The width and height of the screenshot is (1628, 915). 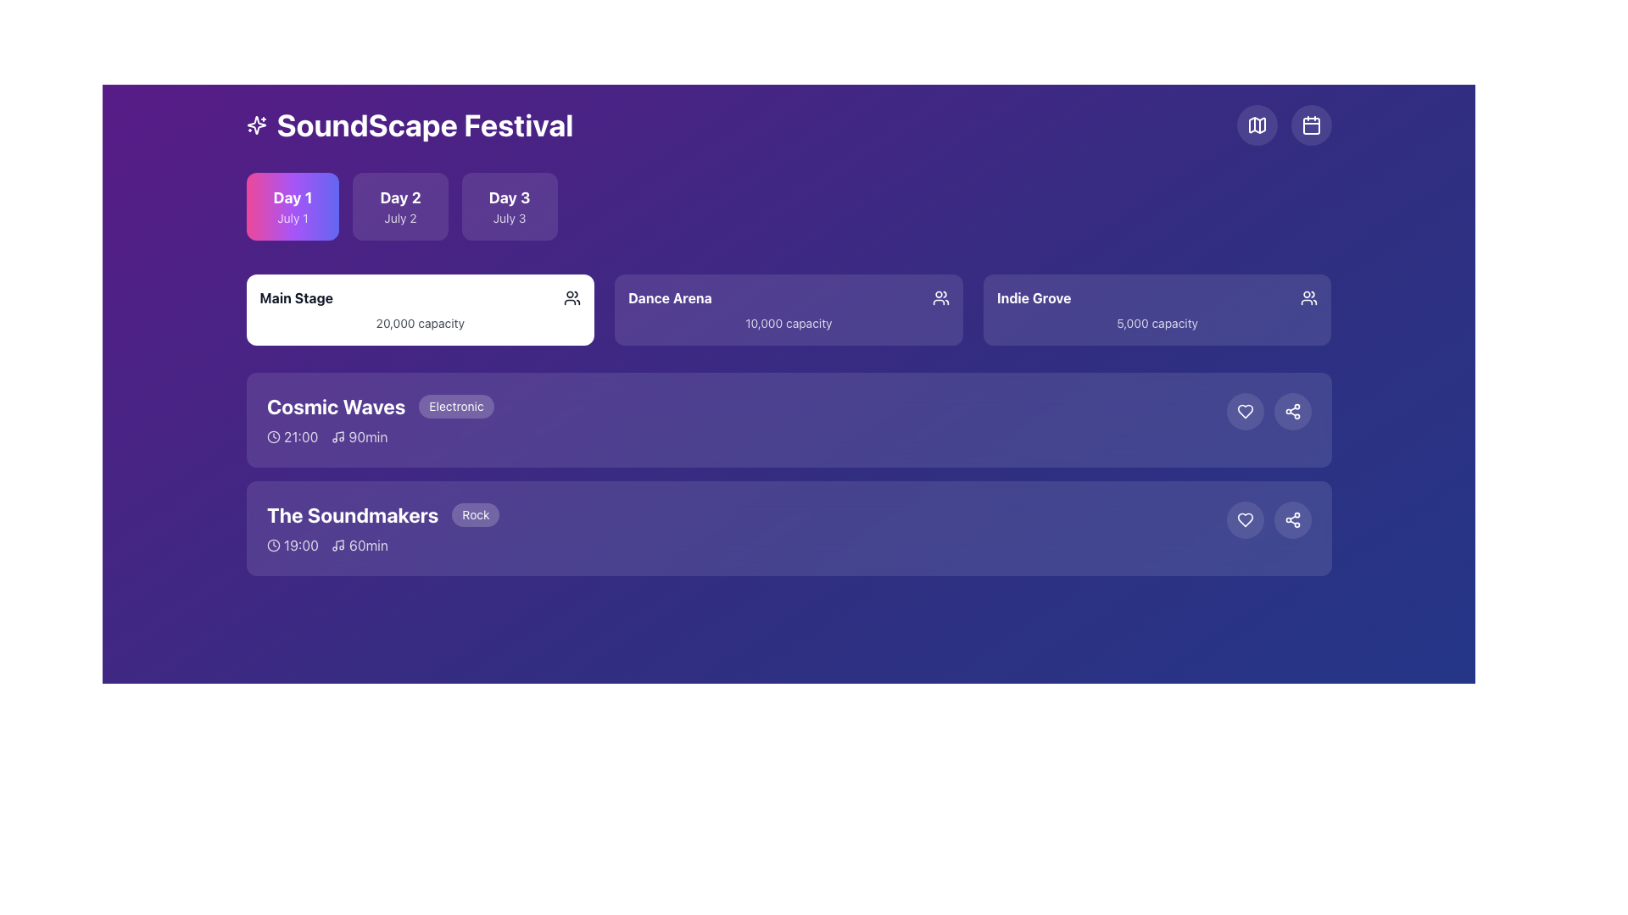 I want to click on the share icon, represented by three dots connected by two lines in a triangular structure, located at the bottom right of the 'Cosmic Waves' event card, so click(x=1291, y=518).